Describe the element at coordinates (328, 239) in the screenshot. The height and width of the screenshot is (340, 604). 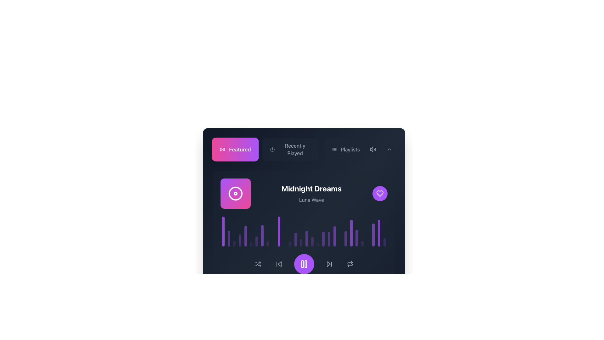
I see `the 19th vertical purple bar` at that location.